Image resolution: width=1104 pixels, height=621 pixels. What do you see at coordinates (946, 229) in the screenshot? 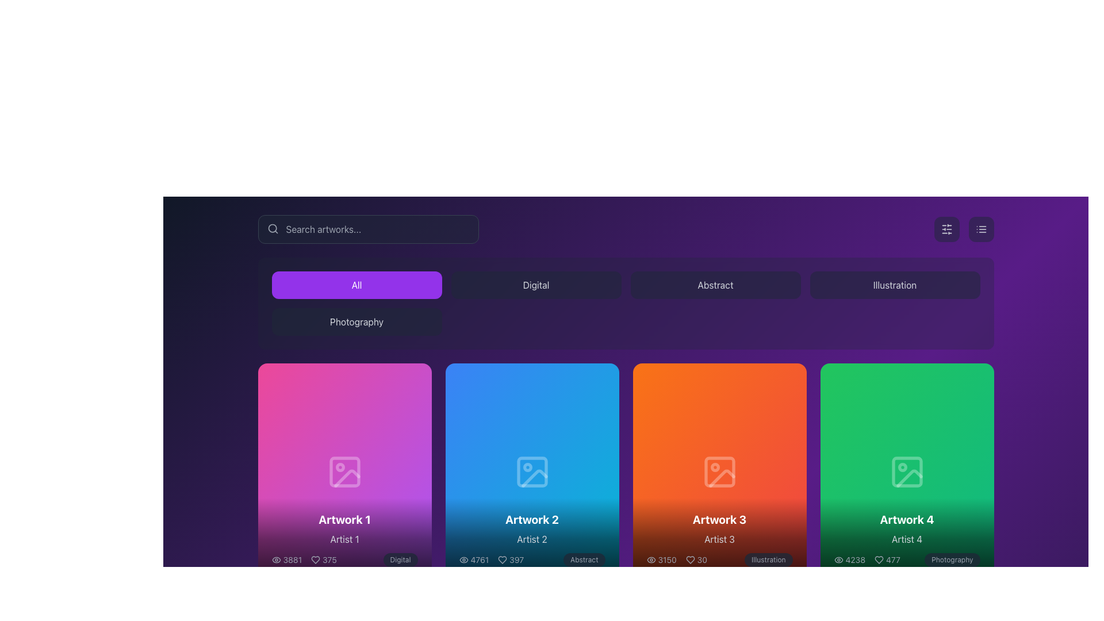
I see `the settings control button, which resembles horizontal sliders with circular handles, located in the top-right corner of the interface` at bounding box center [946, 229].